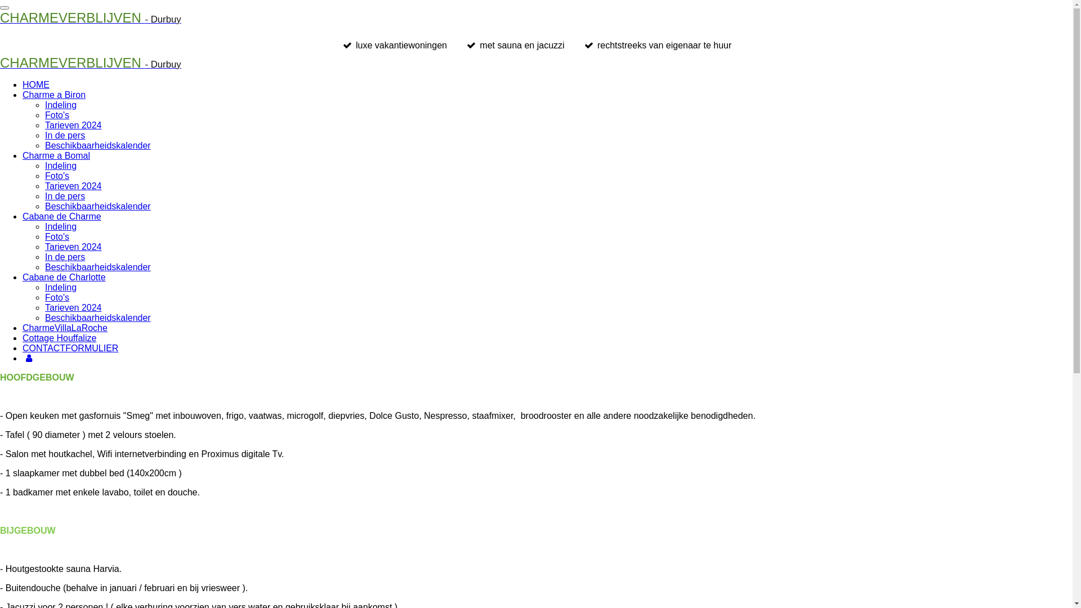 This screenshot has height=608, width=1081. What do you see at coordinates (61, 216) in the screenshot?
I see `'Cabane de Charme'` at bounding box center [61, 216].